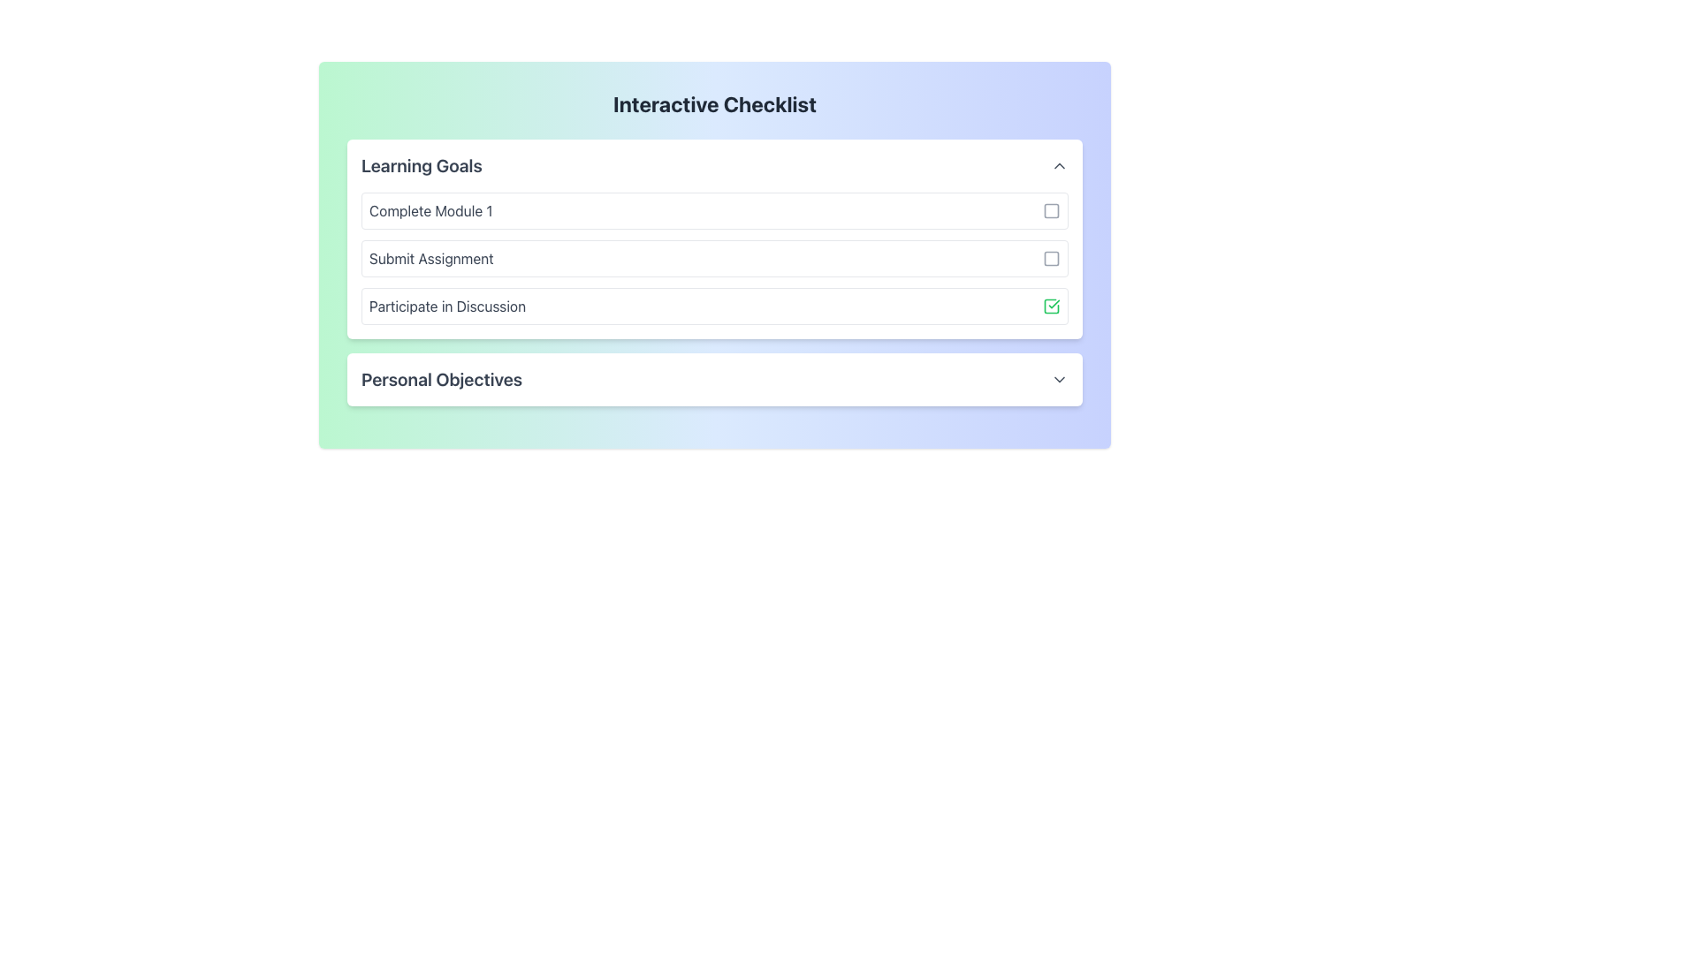 Image resolution: width=1697 pixels, height=954 pixels. I want to click on the checkbox icon located at the far-right end of the row labeled 'Complete Module 1', so click(1052, 210).